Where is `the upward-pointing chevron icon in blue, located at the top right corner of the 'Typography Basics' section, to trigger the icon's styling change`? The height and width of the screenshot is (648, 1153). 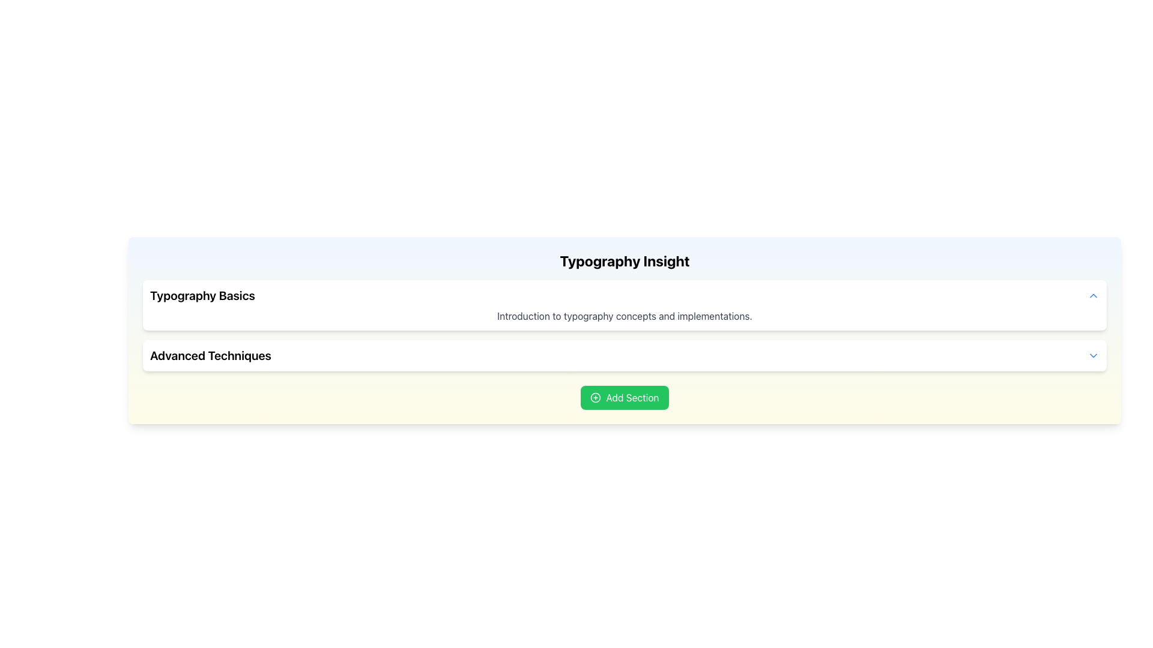
the upward-pointing chevron icon in blue, located at the top right corner of the 'Typography Basics' section, to trigger the icon's styling change is located at coordinates (1093, 296).